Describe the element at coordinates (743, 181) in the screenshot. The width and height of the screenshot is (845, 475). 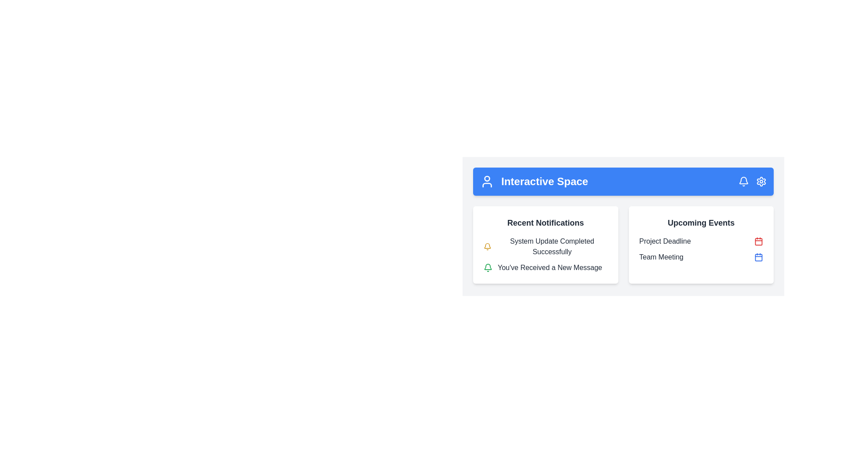
I see `the notification bell icon located on the top title bar, to the left of the gear icon` at that location.